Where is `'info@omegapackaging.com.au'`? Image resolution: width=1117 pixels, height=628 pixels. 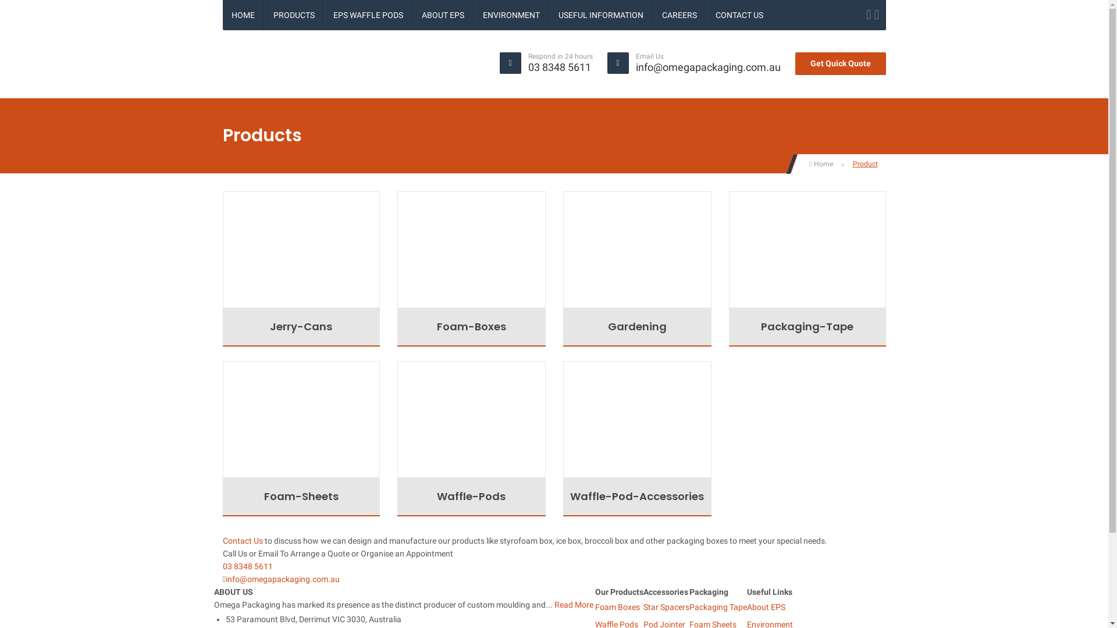 'info@omegapackaging.com.au' is located at coordinates (282, 579).